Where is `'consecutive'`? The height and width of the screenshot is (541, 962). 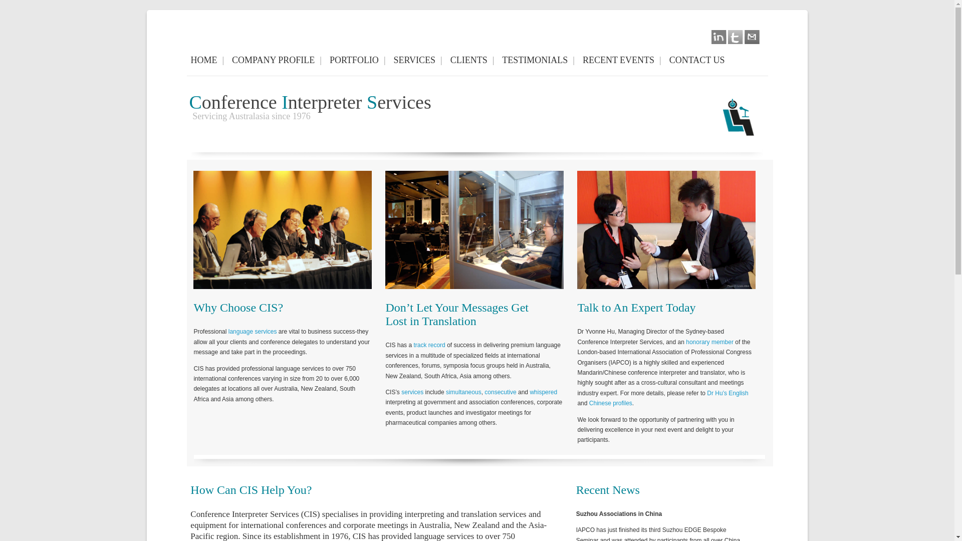
'consecutive' is located at coordinates (500, 392).